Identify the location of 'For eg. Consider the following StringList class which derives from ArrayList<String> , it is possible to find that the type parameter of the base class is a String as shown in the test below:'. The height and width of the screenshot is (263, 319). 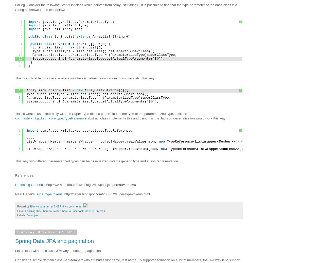
(15, 7).